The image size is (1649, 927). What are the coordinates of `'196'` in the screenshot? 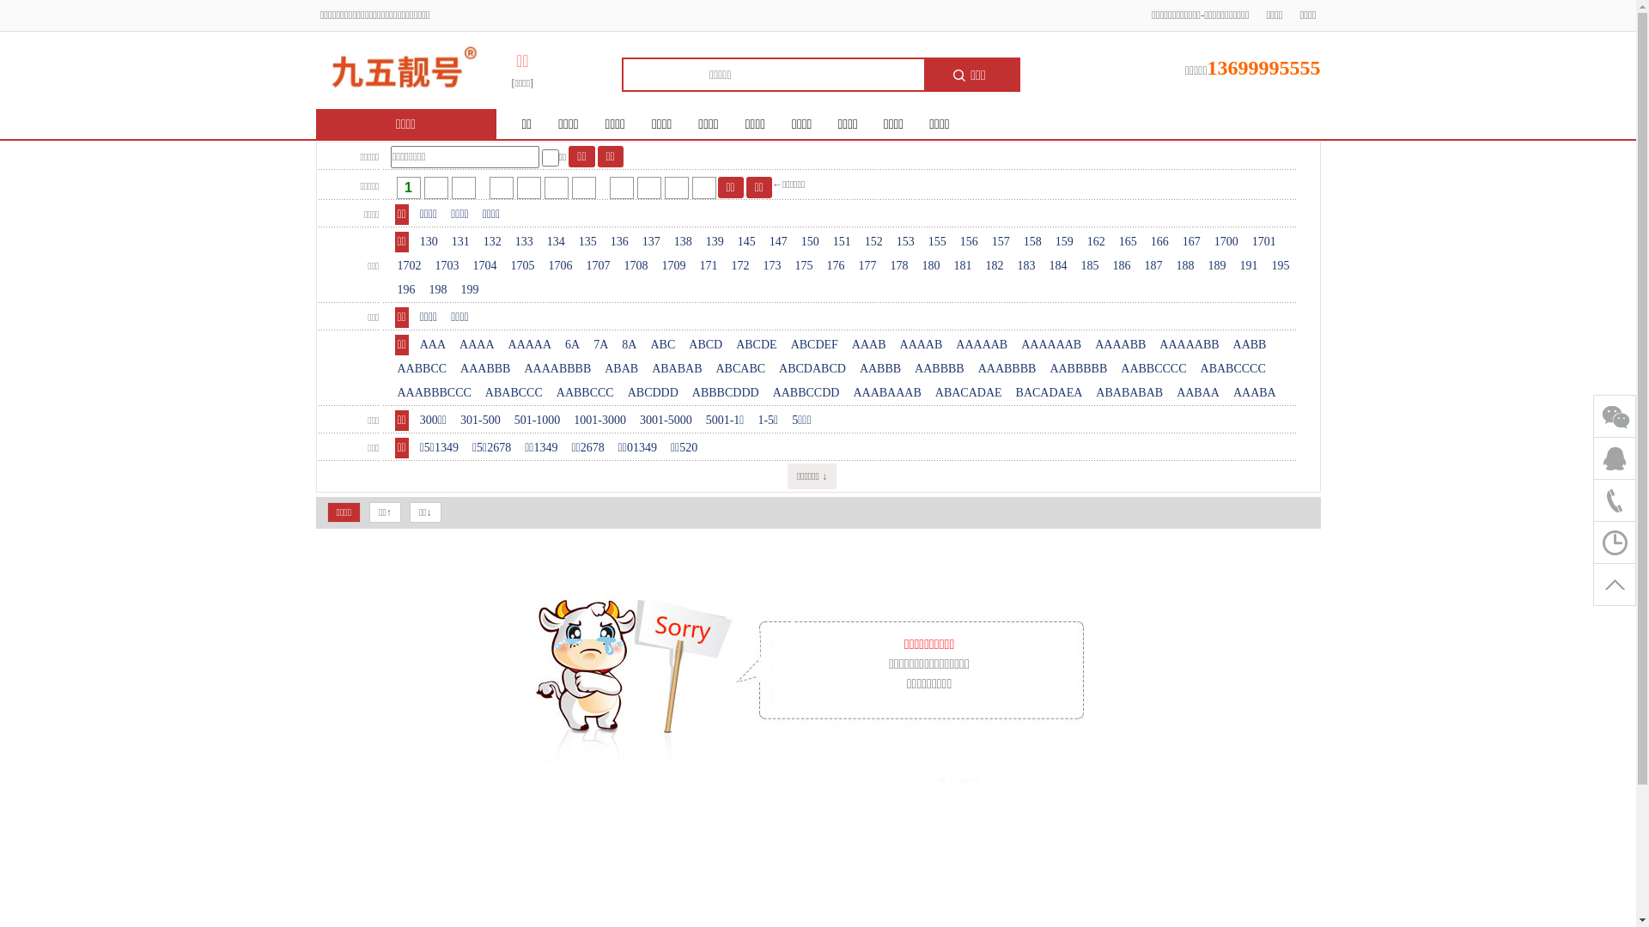 It's located at (394, 289).